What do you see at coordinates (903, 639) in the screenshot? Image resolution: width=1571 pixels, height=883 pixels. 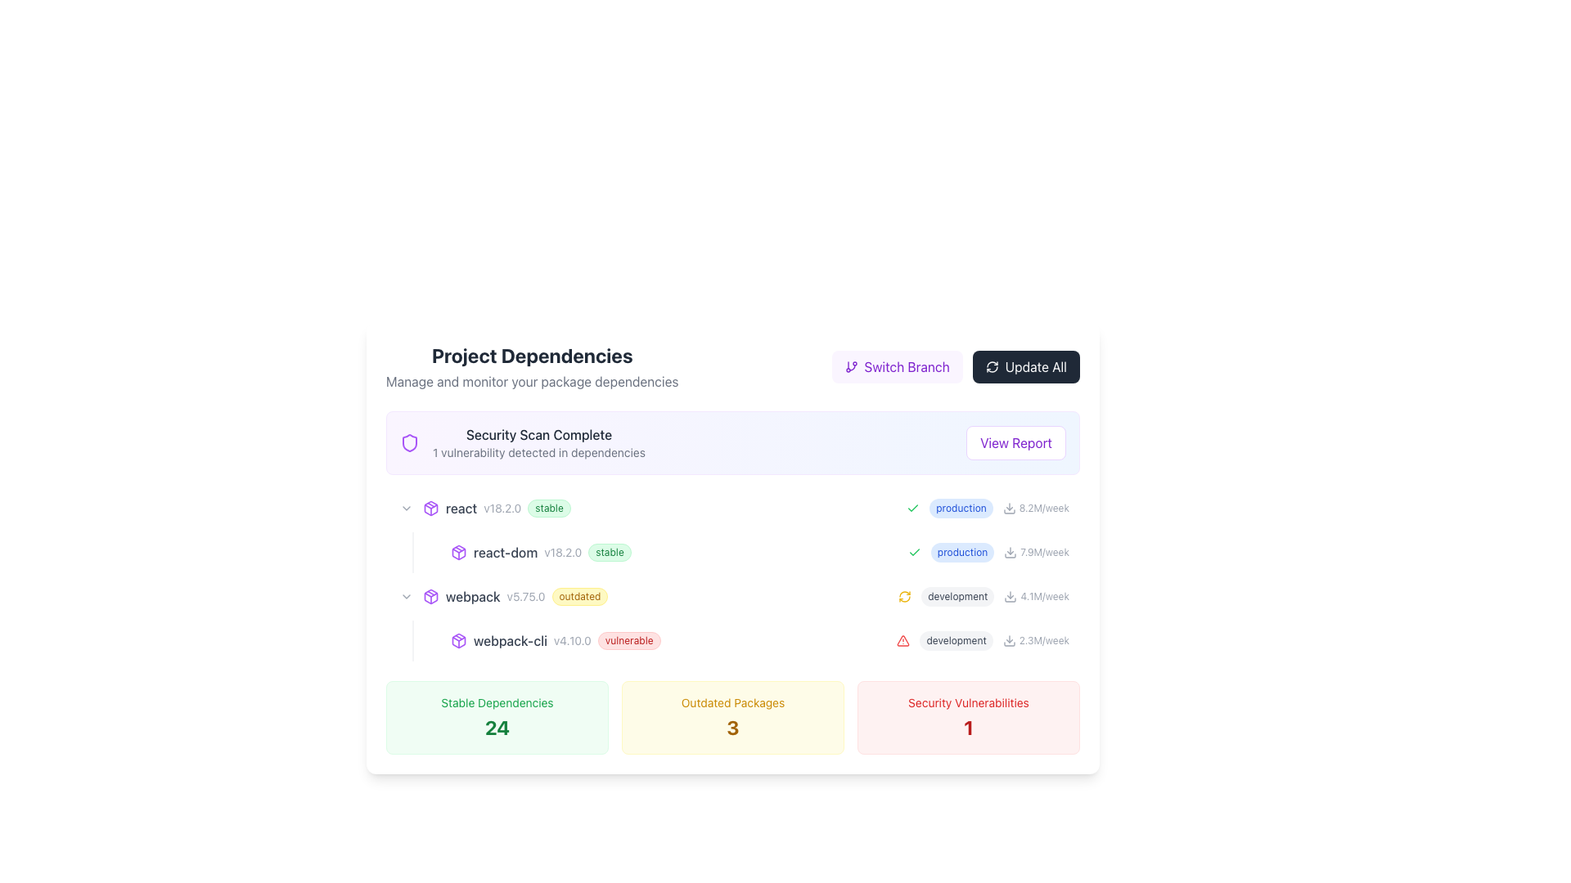 I see `the visual warning icon located to the left of the 'development' tag and its download rate '2.3M/week'` at bounding box center [903, 639].